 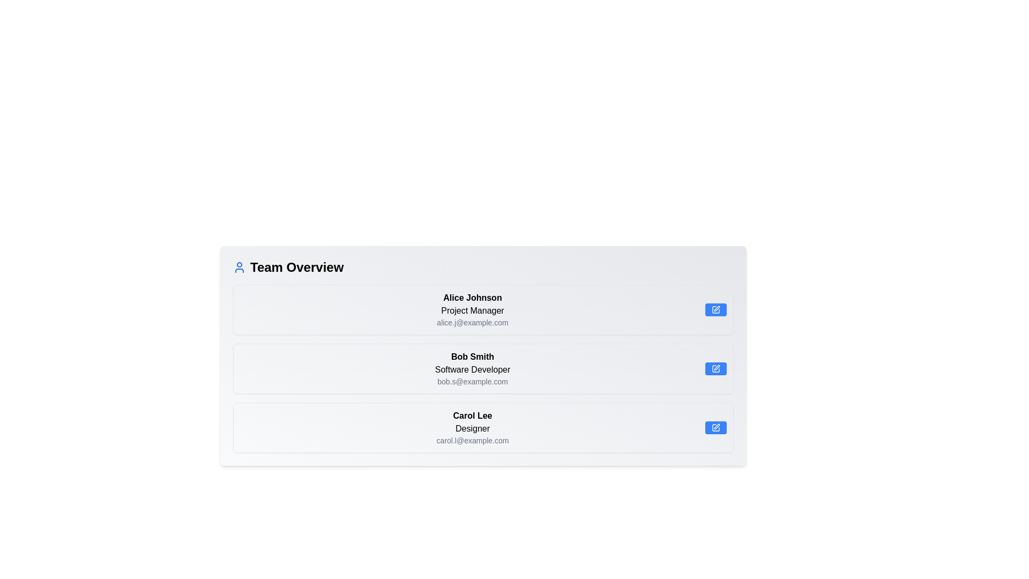 I want to click on the edit icon, which is a square with a pen diagonal across it, located inside a blue button to the right of the 'Bob Smith' card in the 'Team Overview' section, so click(x=715, y=368).